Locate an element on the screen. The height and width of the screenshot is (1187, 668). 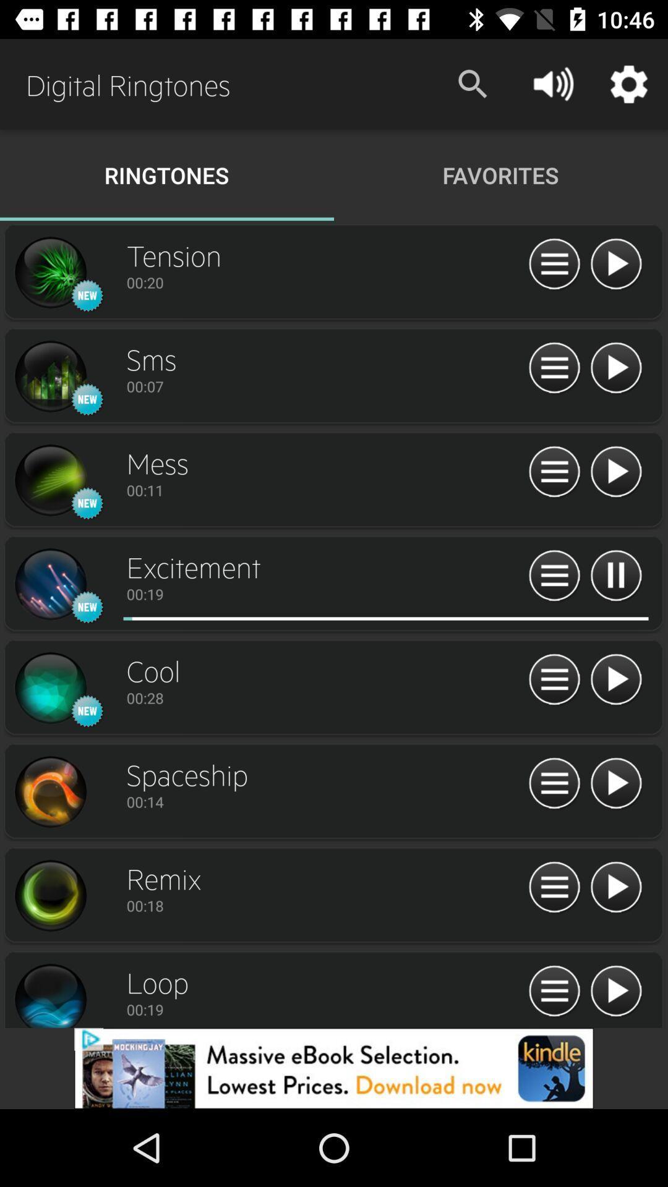
off button is located at coordinates (615, 368).